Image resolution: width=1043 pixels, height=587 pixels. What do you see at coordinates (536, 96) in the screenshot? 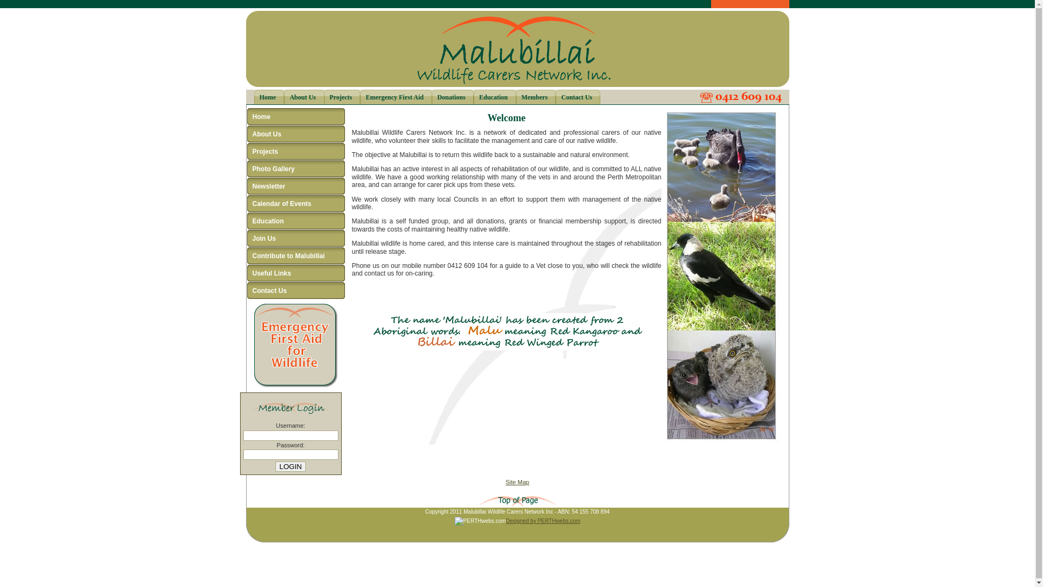
I see `'Members'` at bounding box center [536, 96].